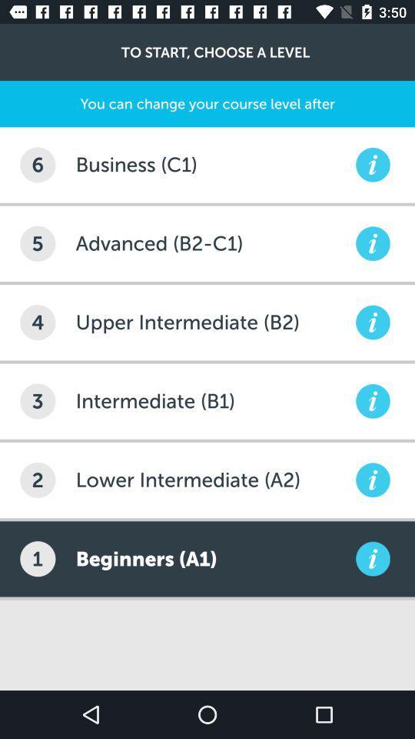 The width and height of the screenshot is (415, 739). I want to click on more information, so click(372, 400).